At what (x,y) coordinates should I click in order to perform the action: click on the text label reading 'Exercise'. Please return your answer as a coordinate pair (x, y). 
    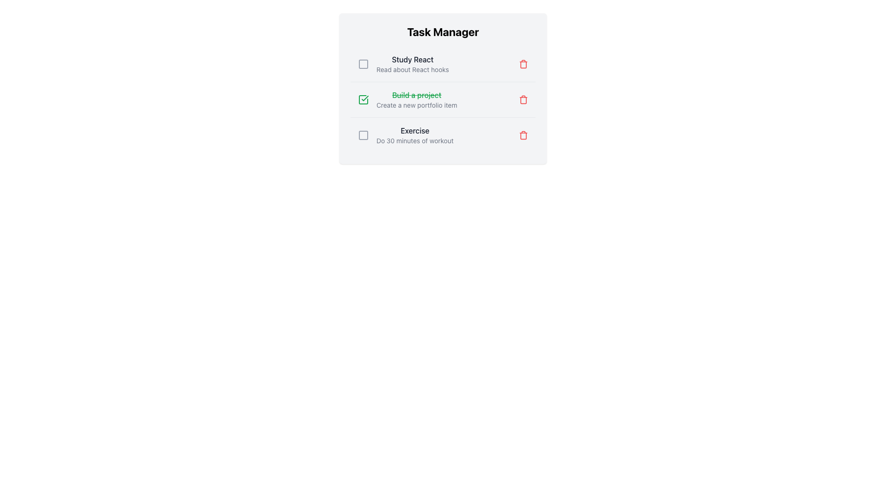
    Looking at the image, I should click on (414, 130).